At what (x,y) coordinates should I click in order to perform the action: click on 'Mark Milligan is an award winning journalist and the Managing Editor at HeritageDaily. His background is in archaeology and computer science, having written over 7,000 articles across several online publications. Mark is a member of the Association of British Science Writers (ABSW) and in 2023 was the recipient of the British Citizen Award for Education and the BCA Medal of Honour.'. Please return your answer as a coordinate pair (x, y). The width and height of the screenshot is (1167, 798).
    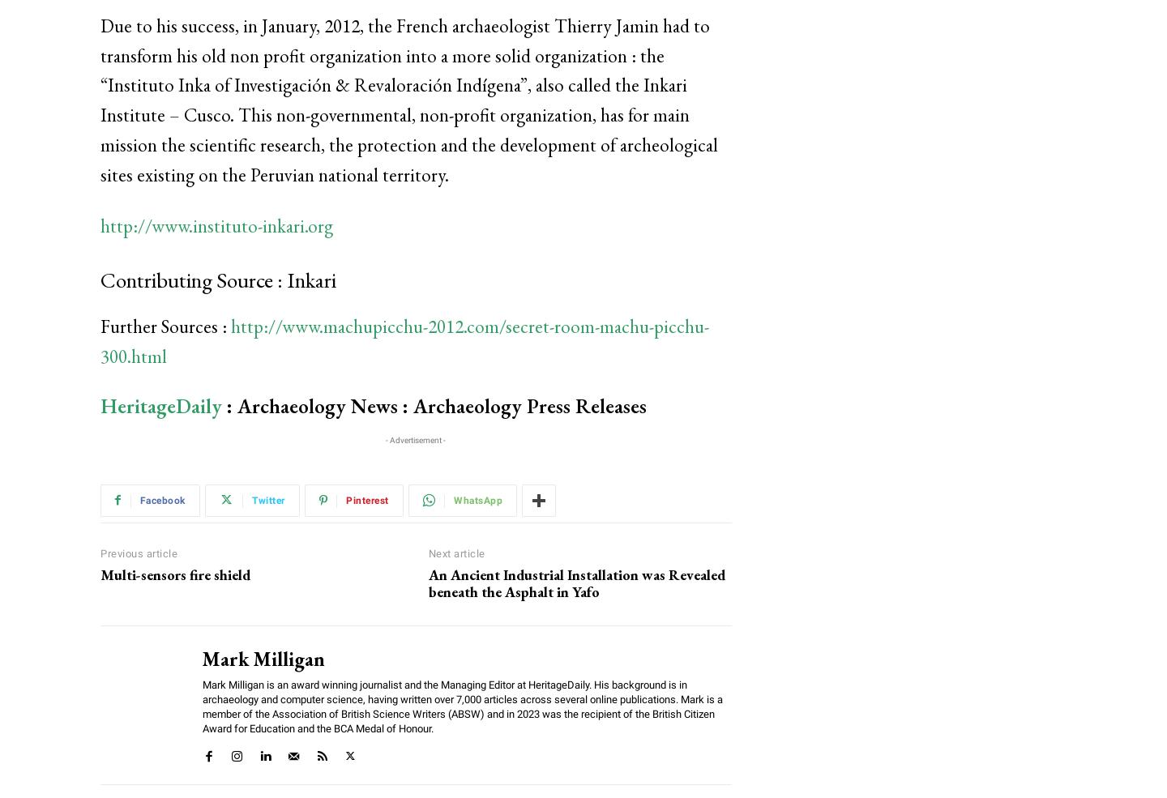
    Looking at the image, I should click on (462, 706).